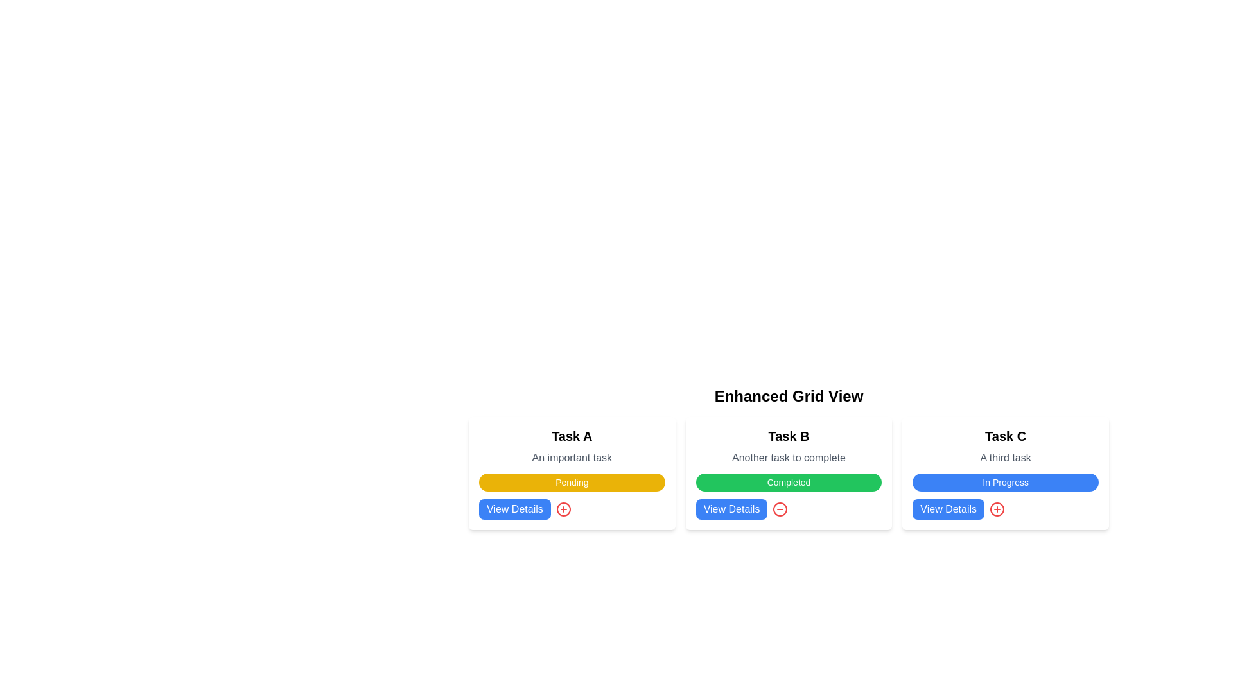 The image size is (1233, 693). I want to click on the 'View Details' button with a blue background and white text, located on the left side of the three equivalent buttons corresponding to 'Task A', so click(514, 509).